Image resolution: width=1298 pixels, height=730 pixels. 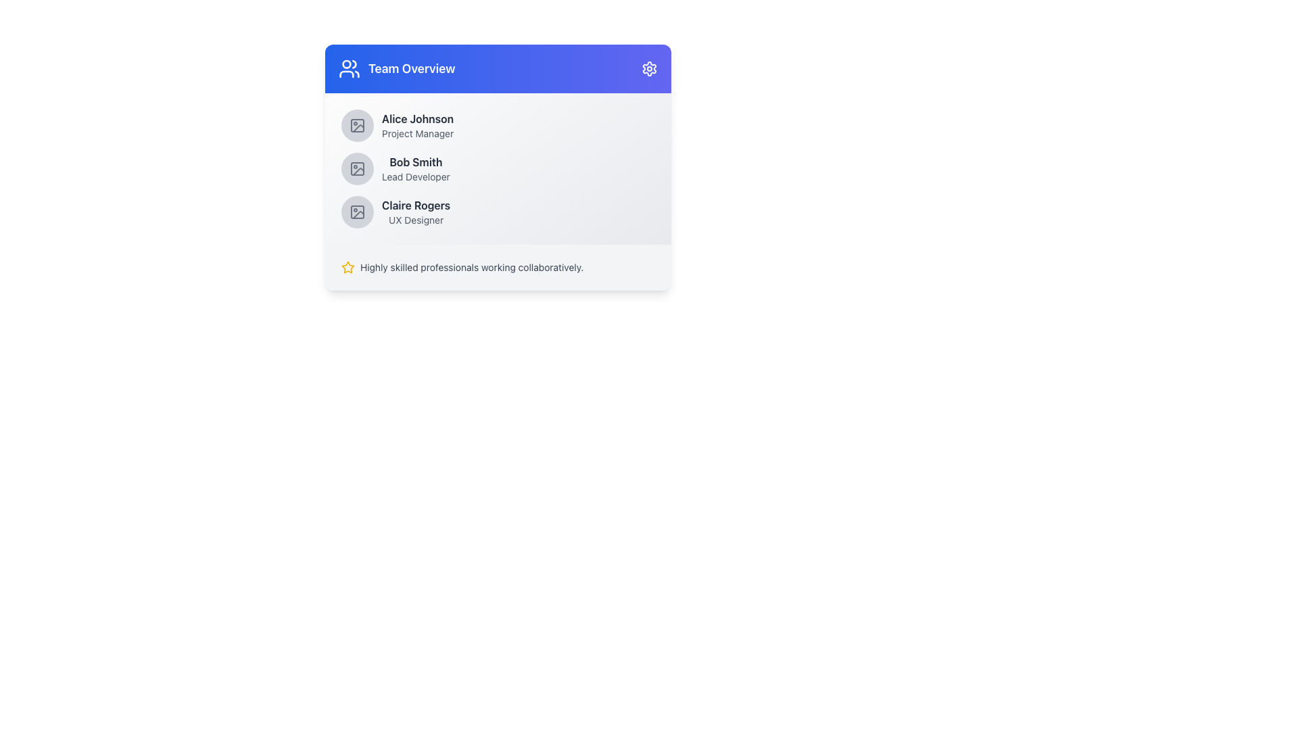 What do you see at coordinates (417, 118) in the screenshot?
I see `the text label that reads 'Alice Johnson', which is the first entry in the list under 'Team Overview'` at bounding box center [417, 118].